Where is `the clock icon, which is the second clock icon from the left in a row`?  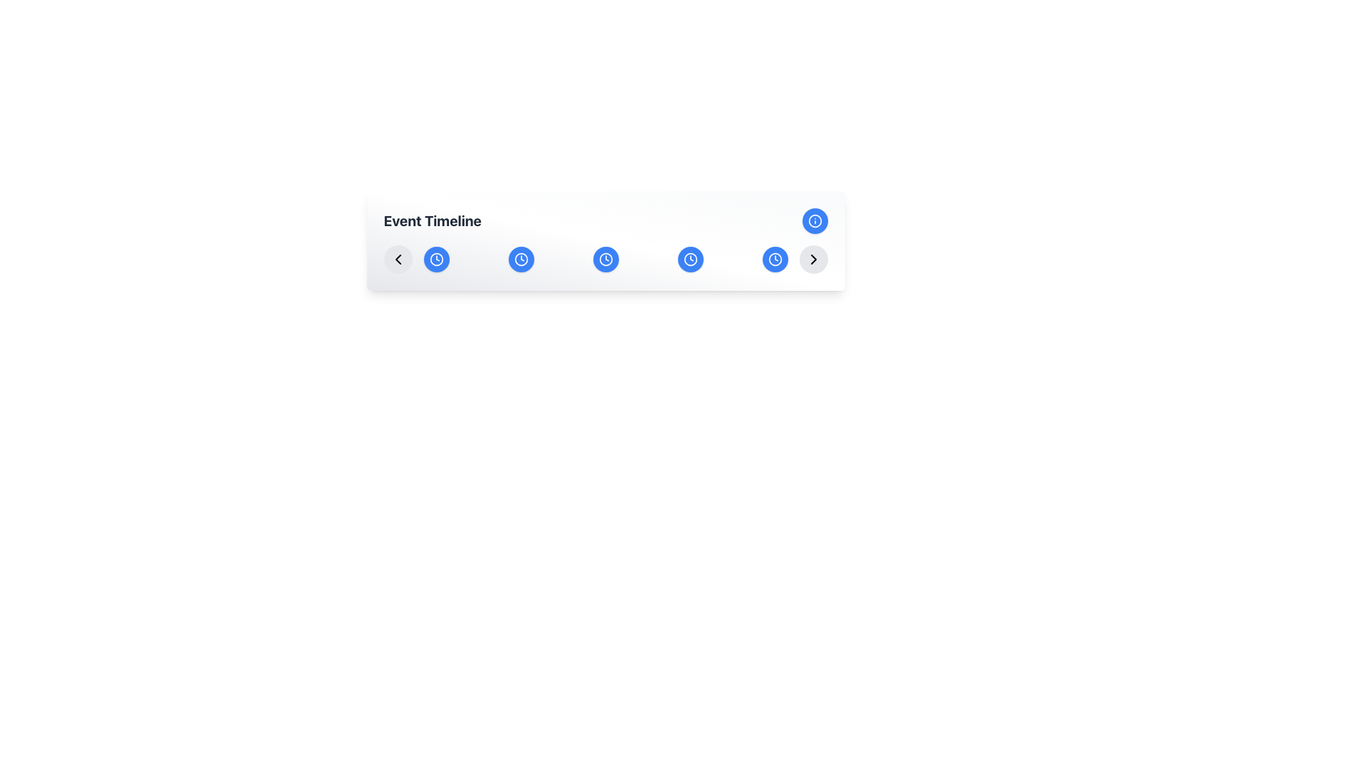 the clock icon, which is the second clock icon from the left in a row is located at coordinates (520, 260).